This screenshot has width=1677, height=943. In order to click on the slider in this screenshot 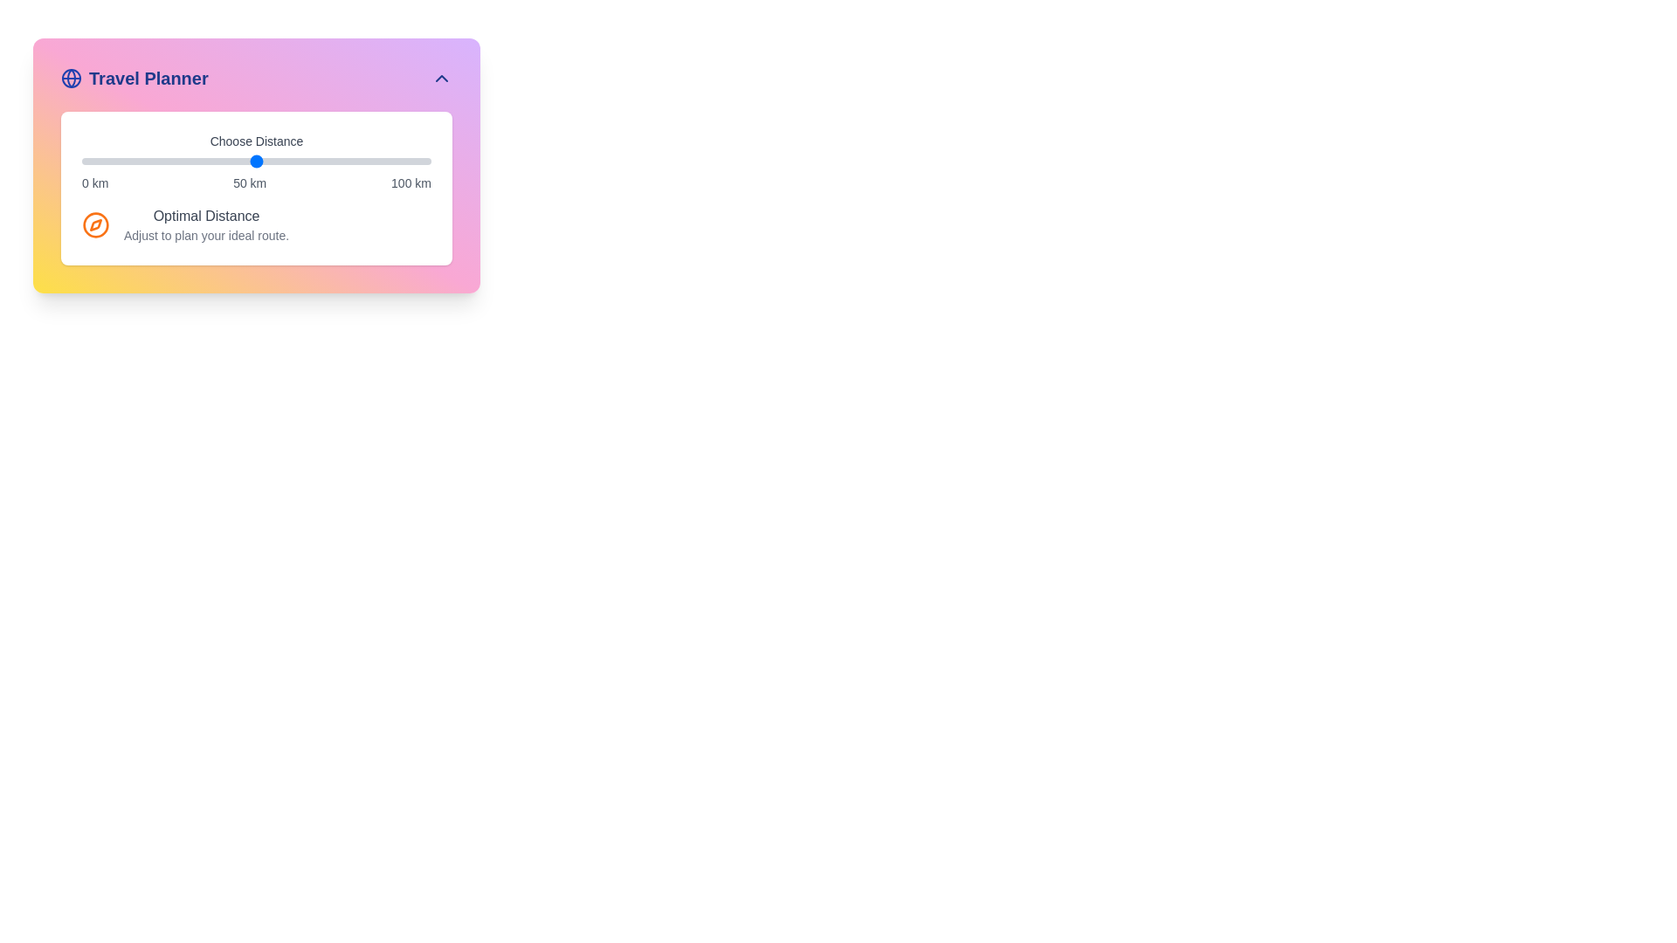, I will do `click(288, 162)`.